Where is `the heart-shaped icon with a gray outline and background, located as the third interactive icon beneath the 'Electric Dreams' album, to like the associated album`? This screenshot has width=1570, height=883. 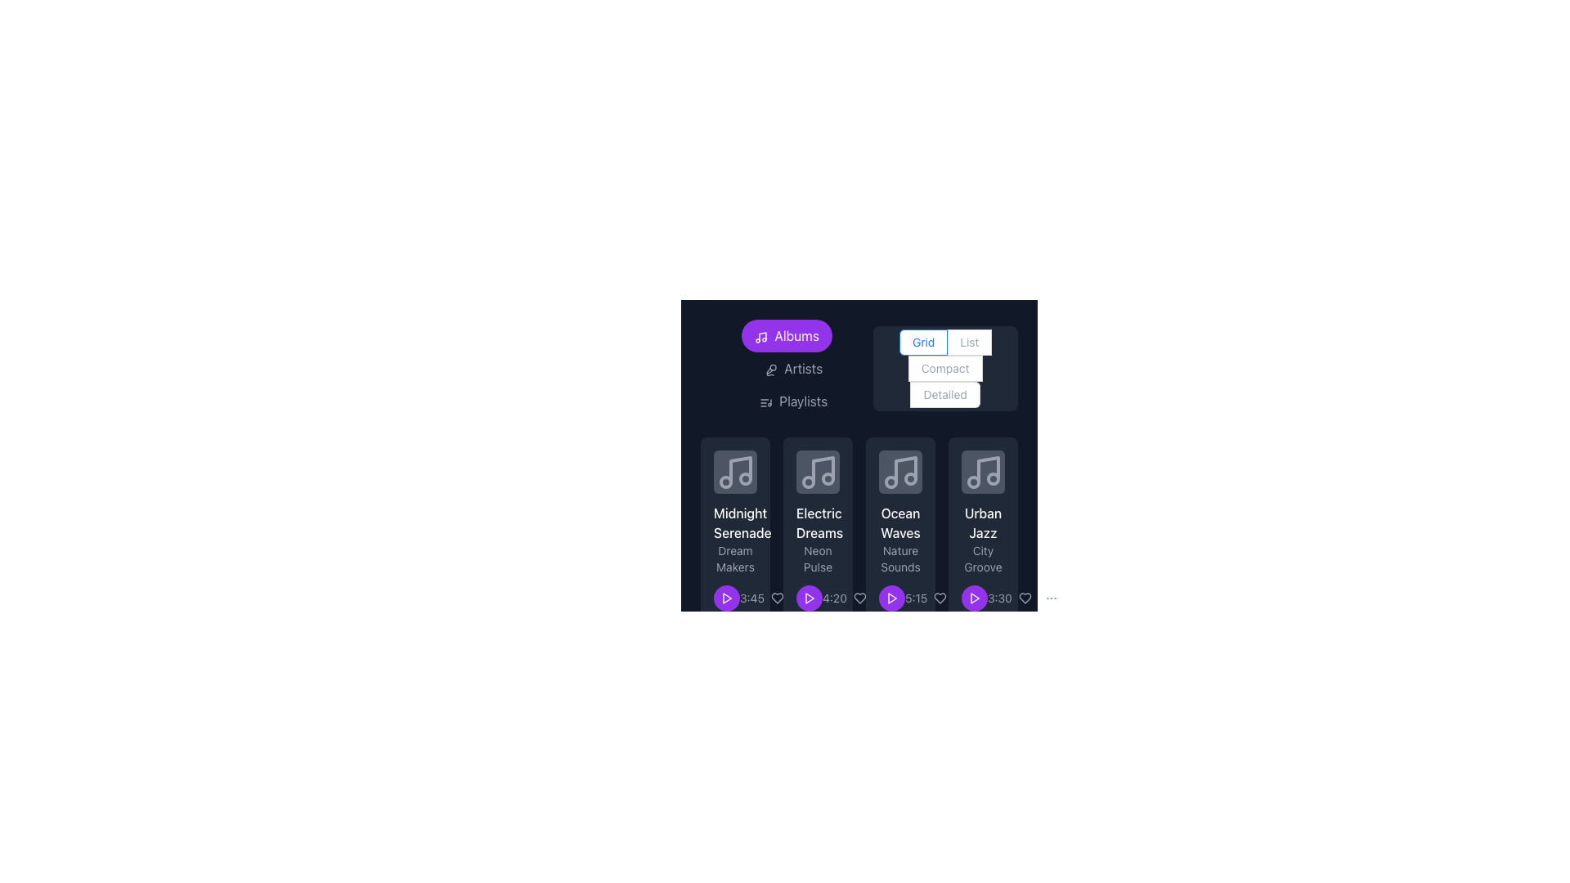
the heart-shaped icon with a gray outline and background, located as the third interactive icon beneath the 'Electric Dreams' album, to like the associated album is located at coordinates (776, 598).